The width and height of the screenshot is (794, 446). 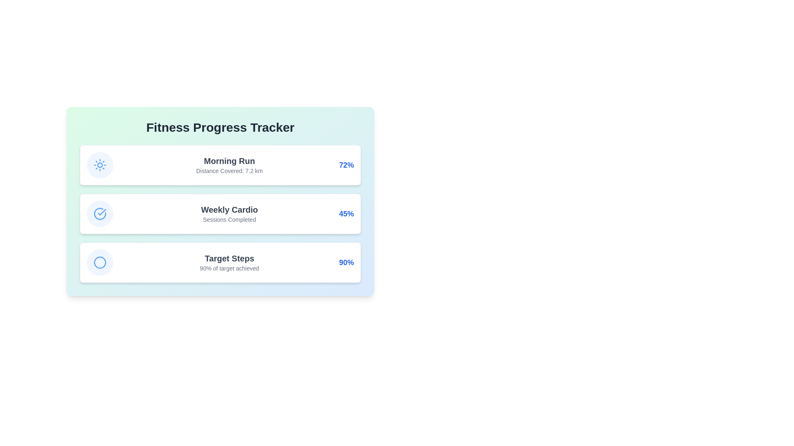 What do you see at coordinates (230, 170) in the screenshot?
I see `text label displaying 'Distance Covered: 7.2 km', which is positioned below the 'Morning Run' title and above the progress percentage indicator (72%)` at bounding box center [230, 170].